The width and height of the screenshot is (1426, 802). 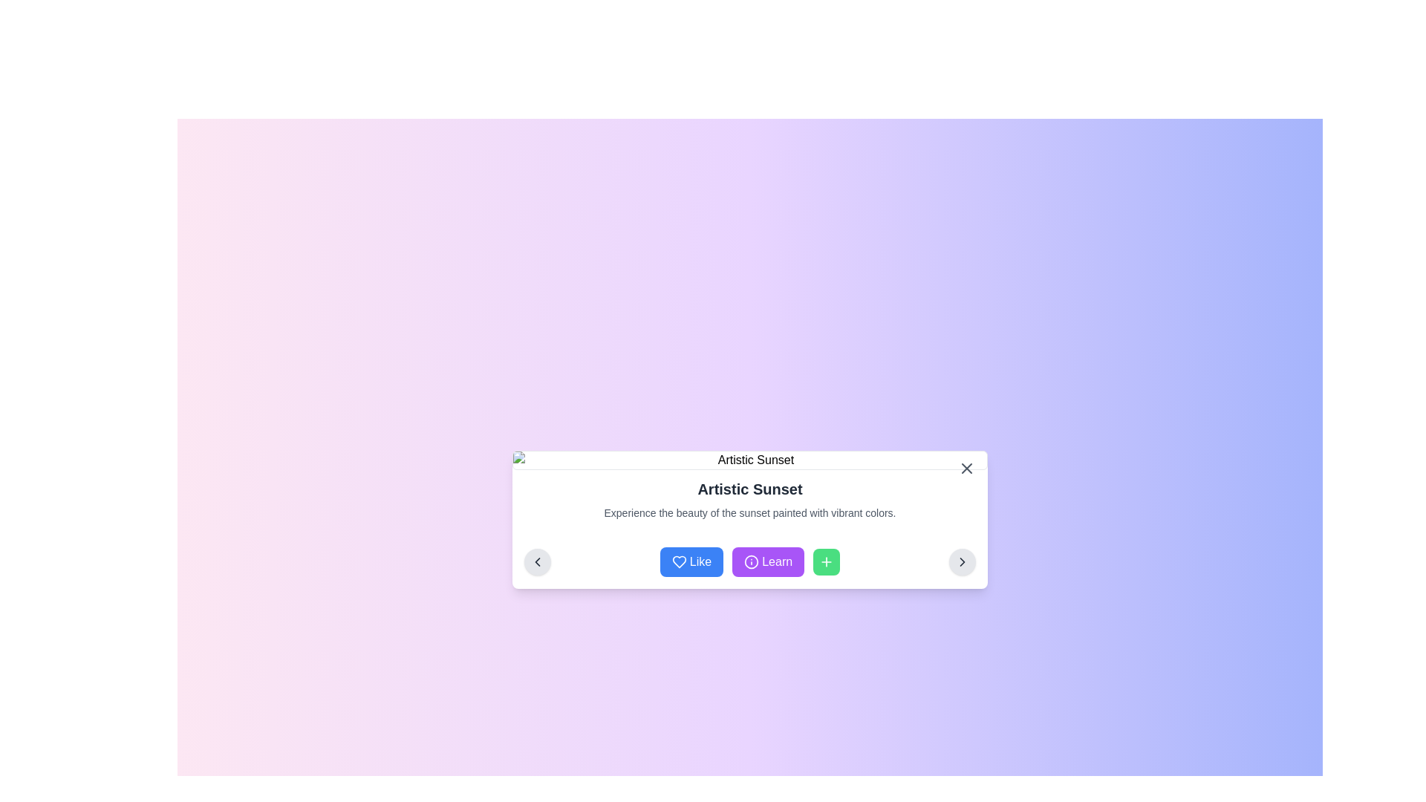 I want to click on the graphical 'X' icon located in the top-right corner of the header section of a modal window, so click(x=966, y=469).